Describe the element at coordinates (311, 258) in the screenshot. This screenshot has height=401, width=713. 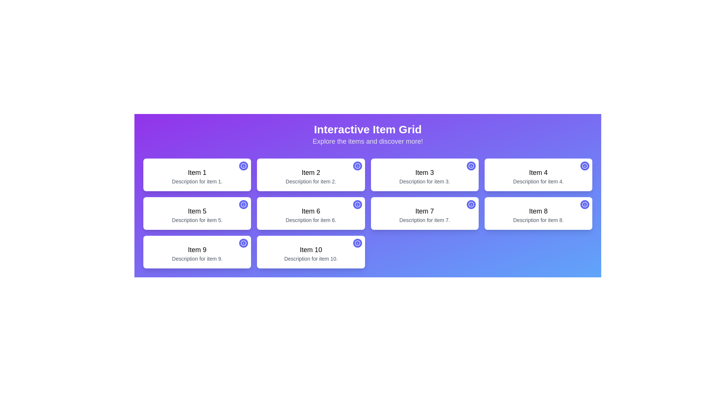
I see `the static text element displaying 'Description for item 10.' located below the heading in the card labeled 'Item 10'` at that location.